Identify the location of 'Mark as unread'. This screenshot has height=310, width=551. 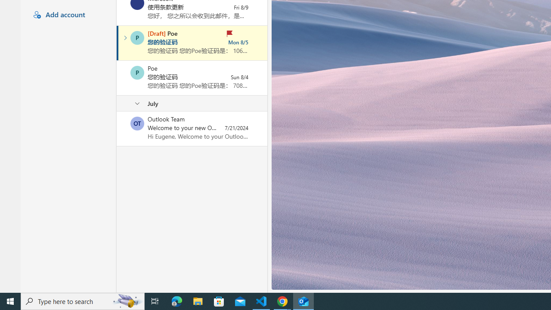
(117, 129).